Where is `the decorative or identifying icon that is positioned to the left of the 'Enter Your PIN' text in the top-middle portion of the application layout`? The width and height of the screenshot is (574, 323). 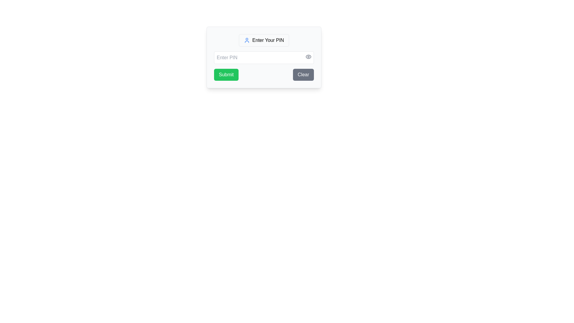 the decorative or identifying icon that is positioned to the left of the 'Enter Your PIN' text in the top-middle portion of the application layout is located at coordinates (247, 40).